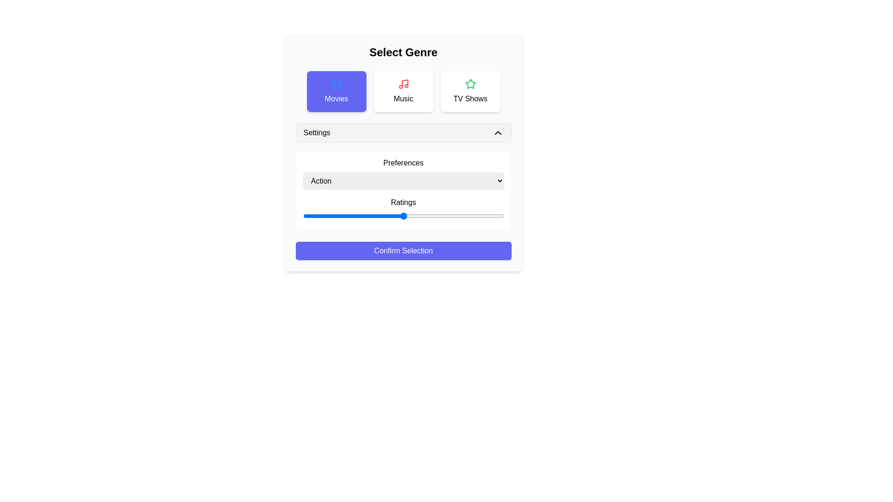  What do you see at coordinates (470, 91) in the screenshot?
I see `the rectangular button labeled 'TV Shows' with a green star icon to trigger the hover effect` at bounding box center [470, 91].